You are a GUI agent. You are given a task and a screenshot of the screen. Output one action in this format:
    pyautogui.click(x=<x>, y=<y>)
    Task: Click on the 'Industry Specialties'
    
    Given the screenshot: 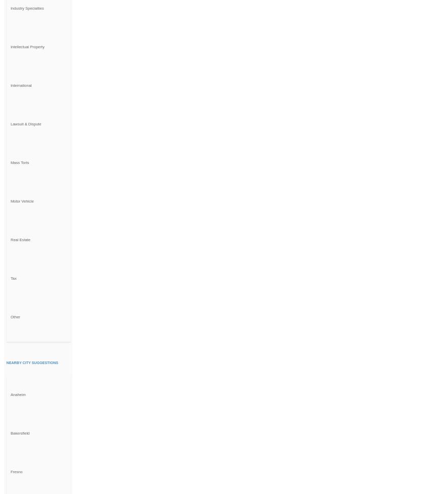 What is the action you would take?
    pyautogui.click(x=27, y=8)
    